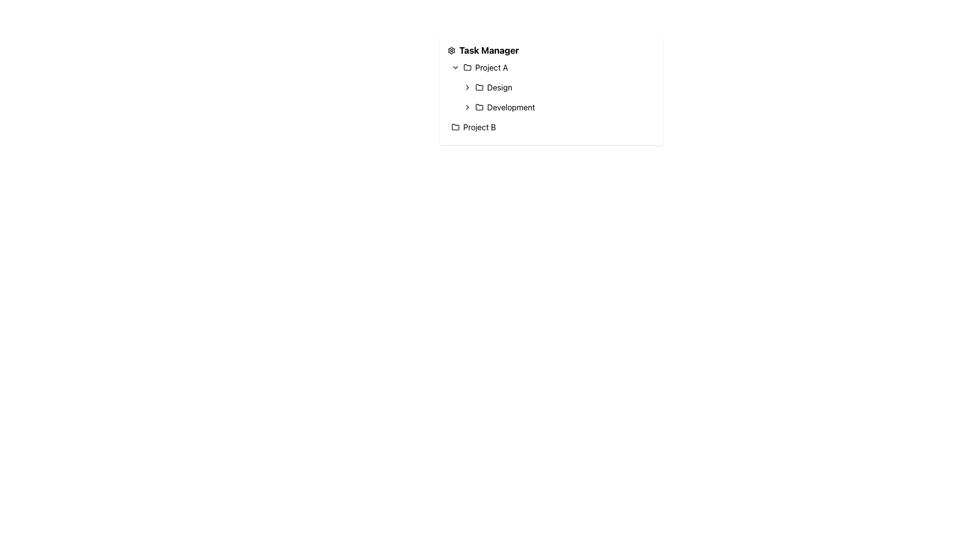 The height and width of the screenshot is (537, 956). What do you see at coordinates (556, 107) in the screenshot?
I see `the Folder entry for 'Development' located under the 'Design' section in the Task Manager interface` at bounding box center [556, 107].